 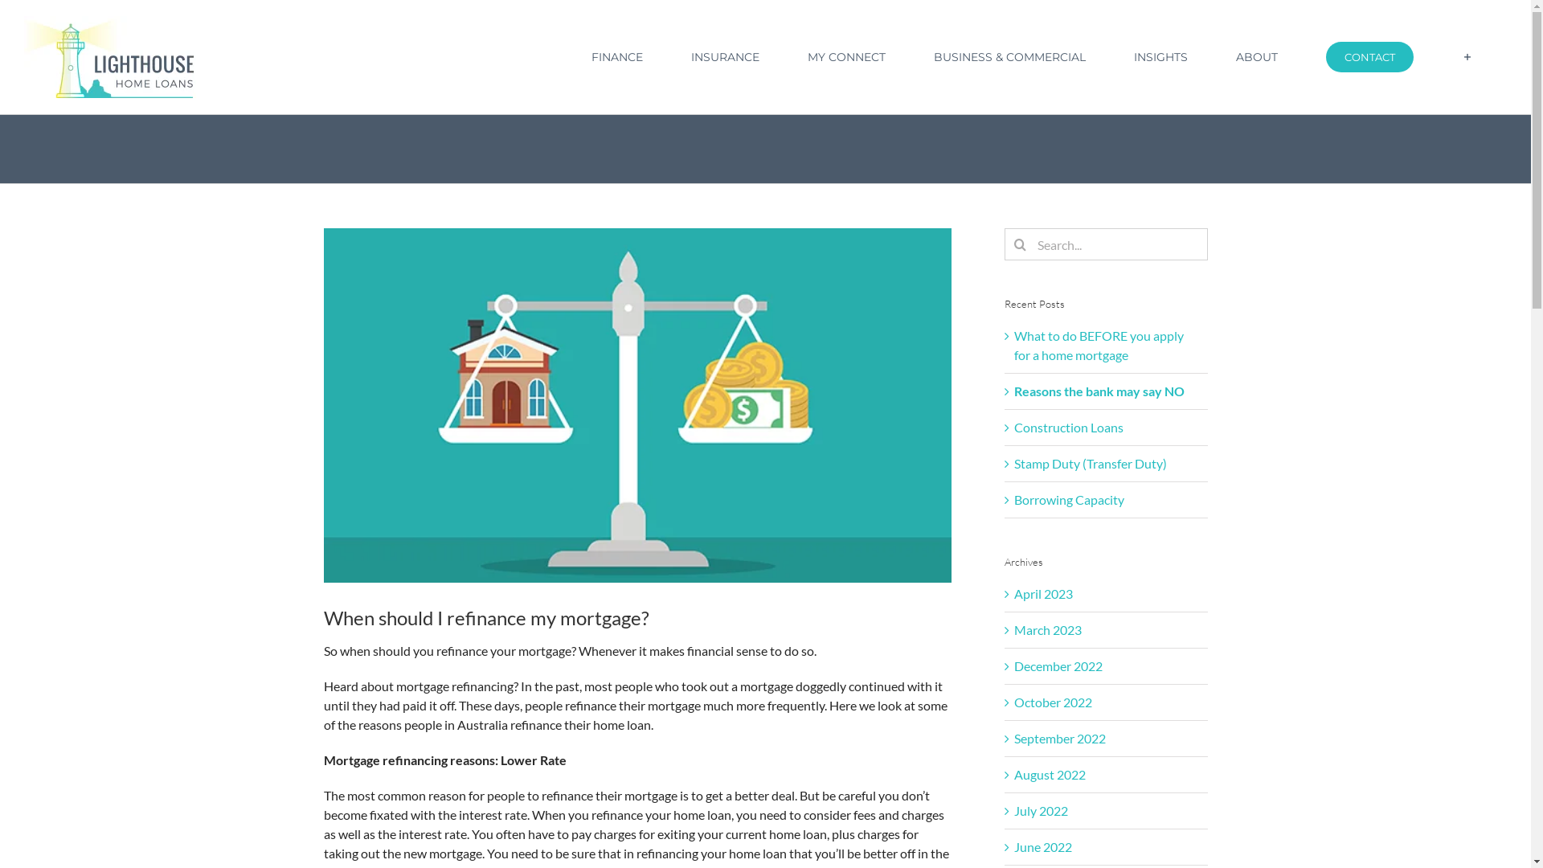 What do you see at coordinates (1060, 738) in the screenshot?
I see `'September 2022'` at bounding box center [1060, 738].